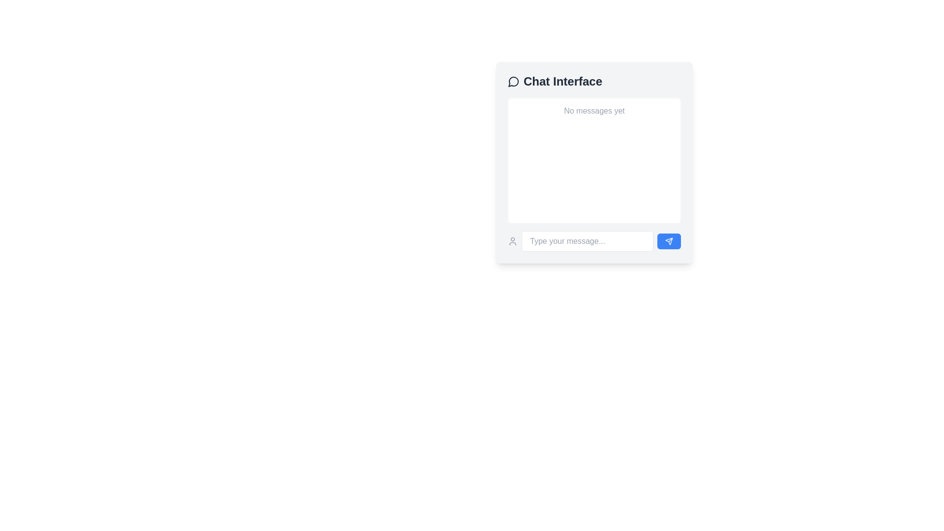 This screenshot has width=944, height=531. I want to click on the user profile icon located at the bottom left of the chat interface, which serves as a placeholder for the user's avatar, so click(512, 241).